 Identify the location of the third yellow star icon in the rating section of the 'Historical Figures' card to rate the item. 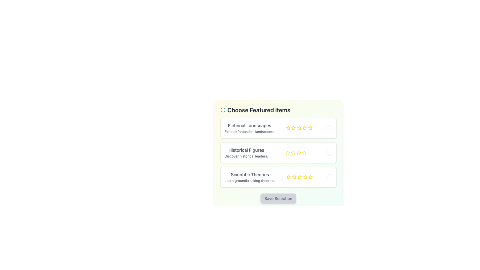
(299, 152).